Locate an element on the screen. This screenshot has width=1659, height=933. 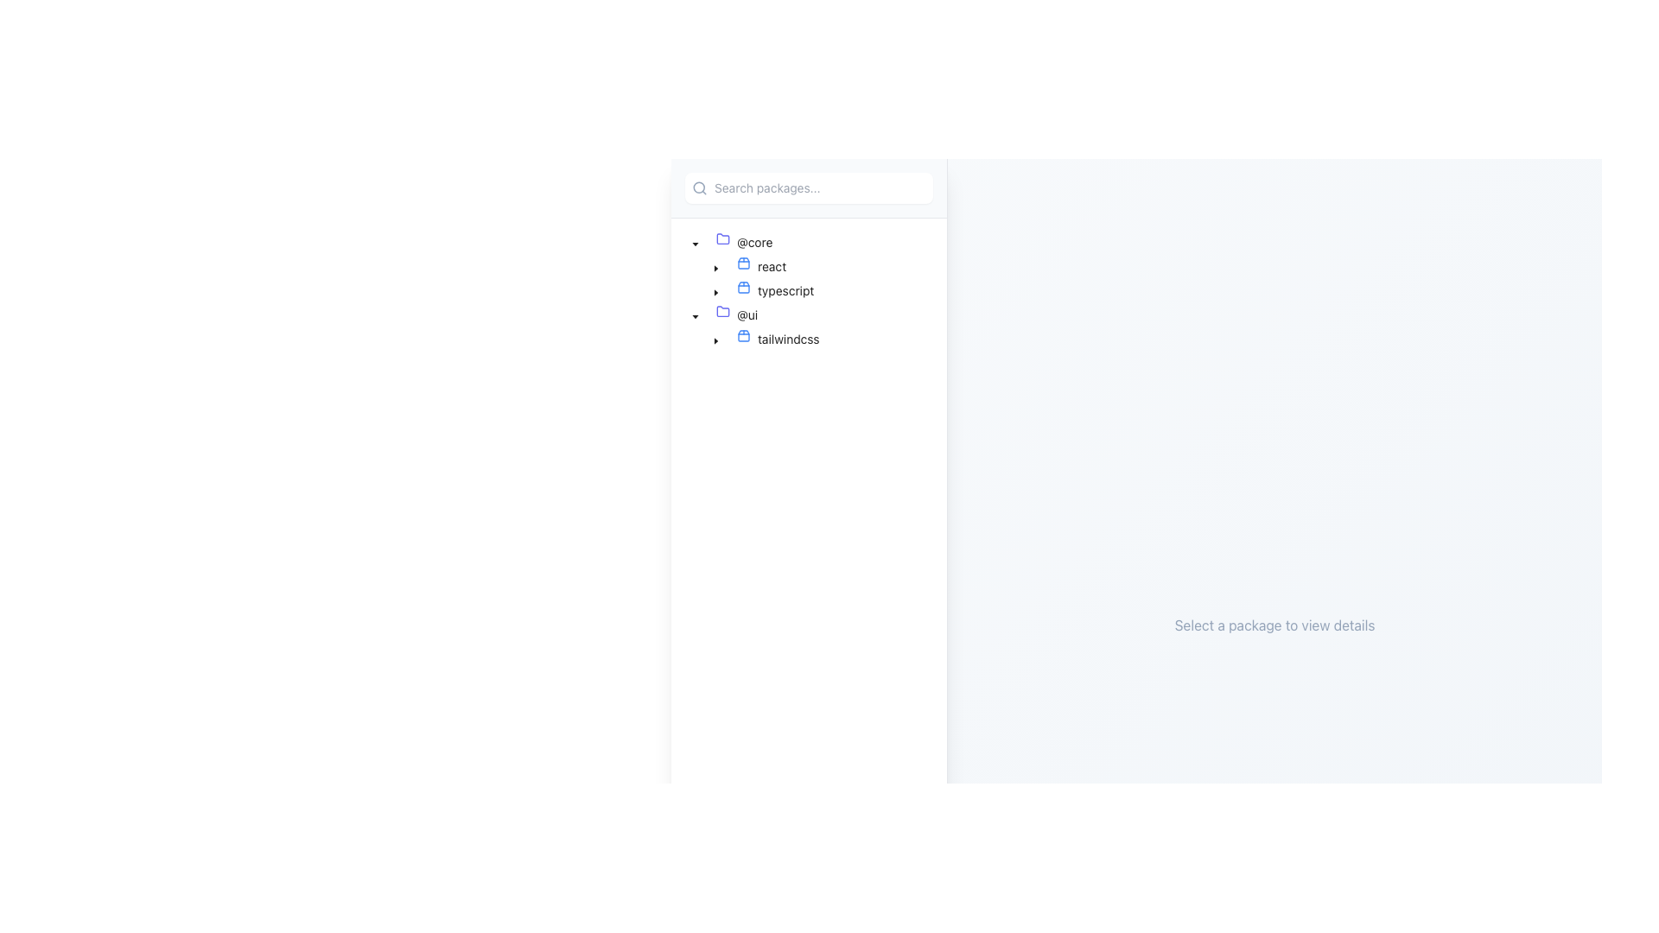
the '@ui' label in the tree view is located at coordinates (747, 314).